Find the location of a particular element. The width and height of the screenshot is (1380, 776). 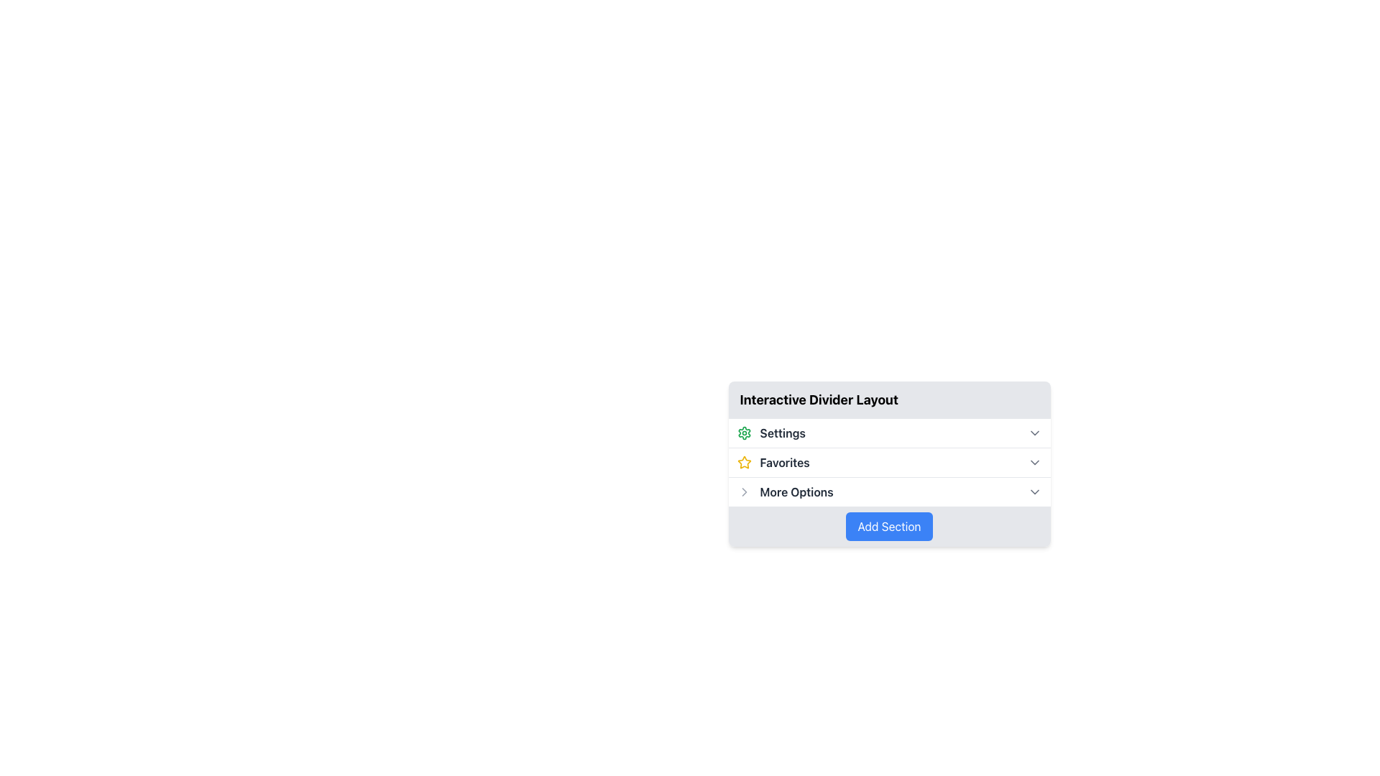

the collapsible menu item related to 'More Options', which is the third item in the 'Interactive Divider Layout' list, positioned below 'Settings' and 'Favorites' is located at coordinates (888, 491).